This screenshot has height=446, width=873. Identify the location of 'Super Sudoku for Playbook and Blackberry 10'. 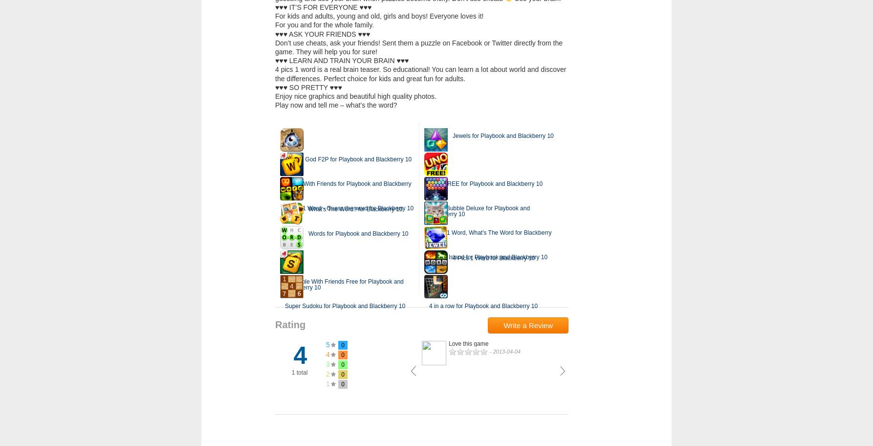
(284, 306).